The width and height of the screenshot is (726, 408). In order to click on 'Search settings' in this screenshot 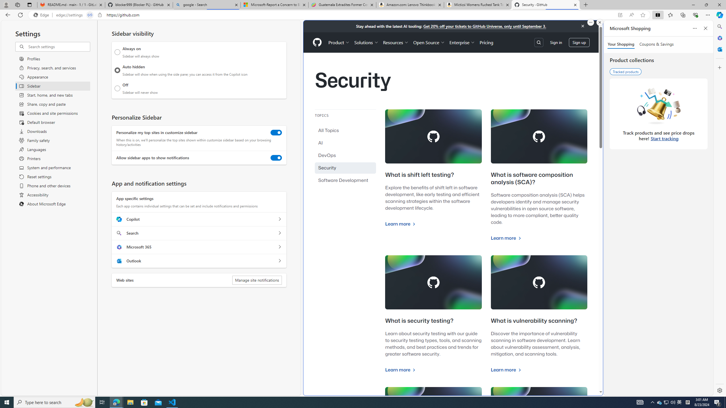, I will do `click(59, 46)`.